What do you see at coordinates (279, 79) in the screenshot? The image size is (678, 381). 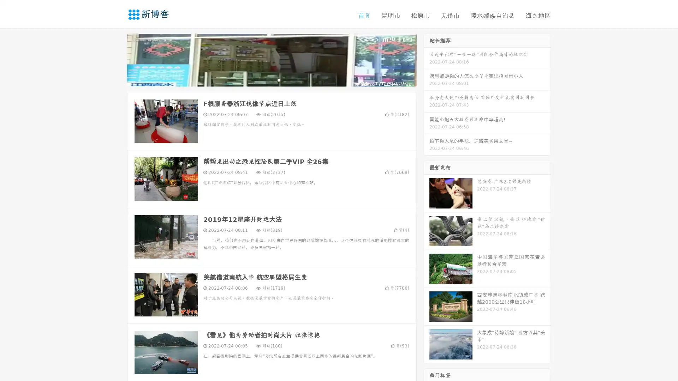 I see `Go to slide 3` at bounding box center [279, 79].